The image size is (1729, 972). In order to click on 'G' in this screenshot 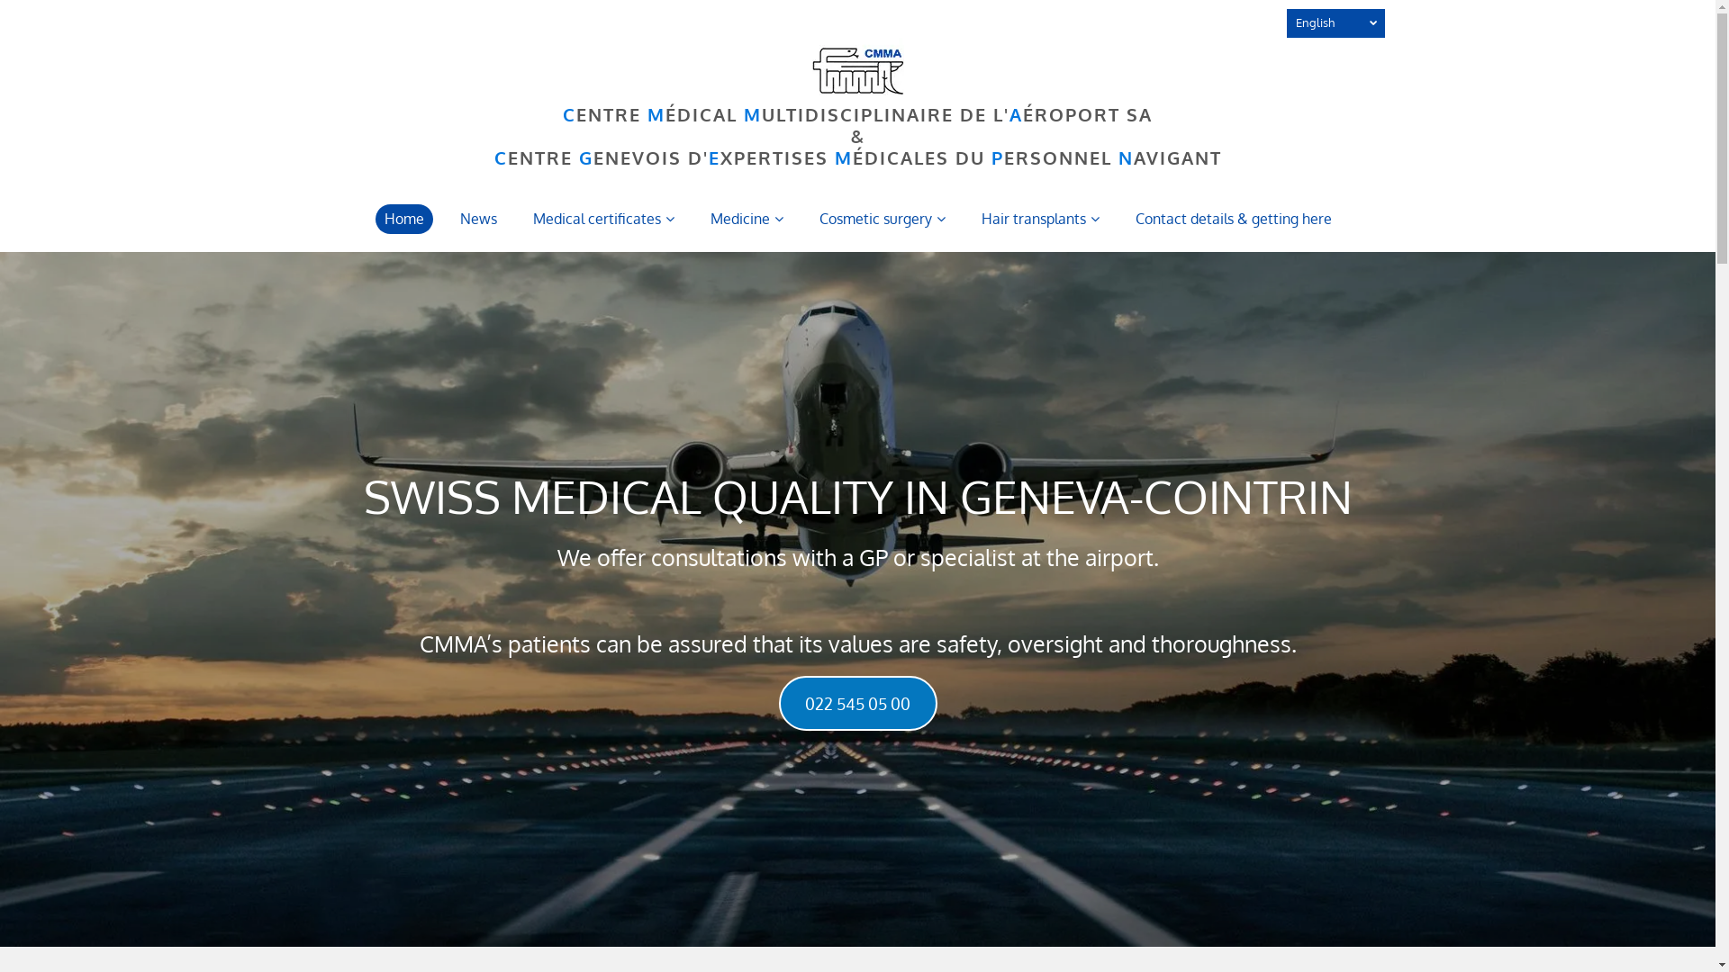, I will do `click(584, 156)`.